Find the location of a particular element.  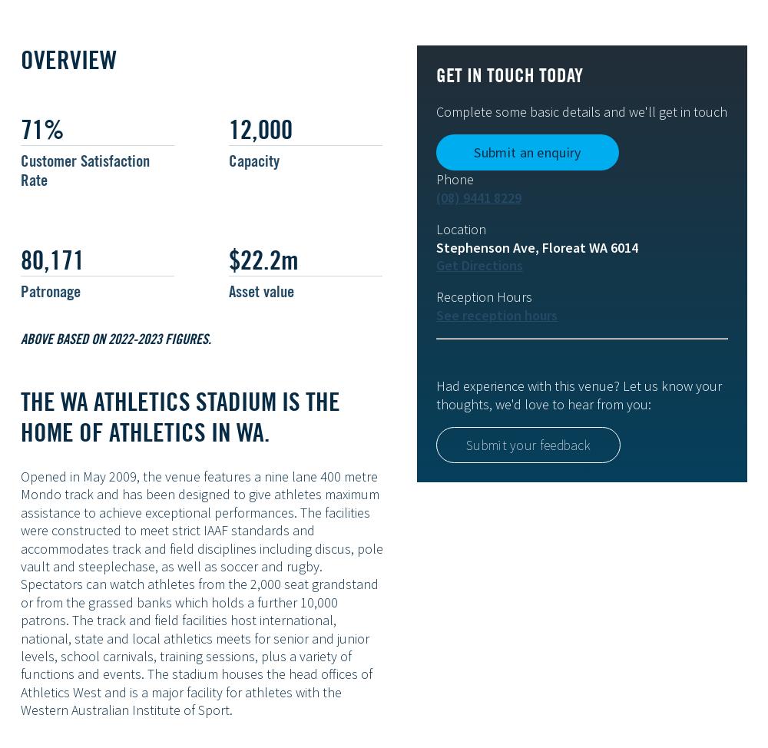

'Customer Satisfaction Rate' is located at coordinates (84, 170).